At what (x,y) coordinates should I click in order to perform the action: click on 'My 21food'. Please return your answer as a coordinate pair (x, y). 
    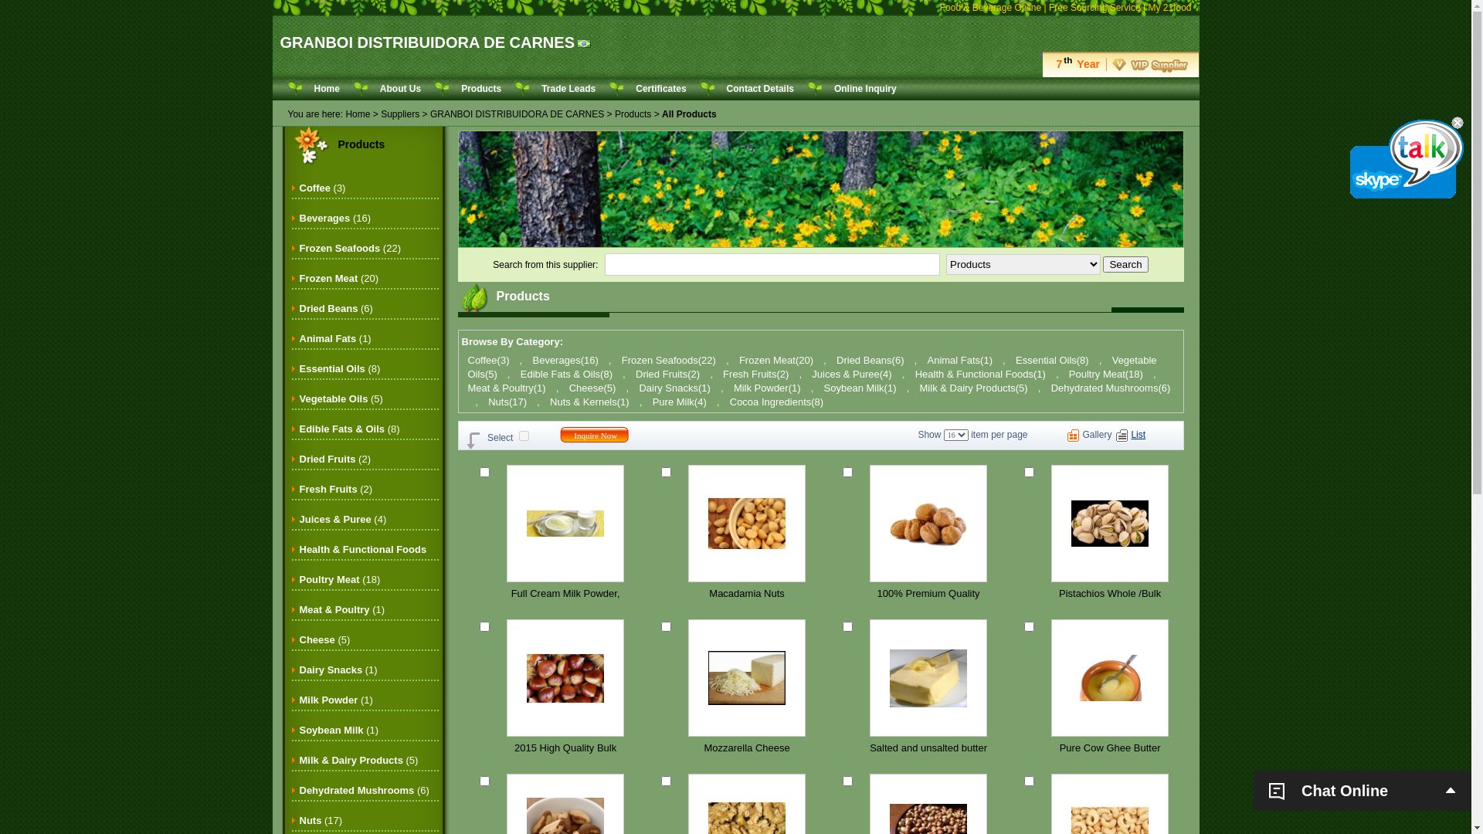
    Looking at the image, I should click on (1169, 8).